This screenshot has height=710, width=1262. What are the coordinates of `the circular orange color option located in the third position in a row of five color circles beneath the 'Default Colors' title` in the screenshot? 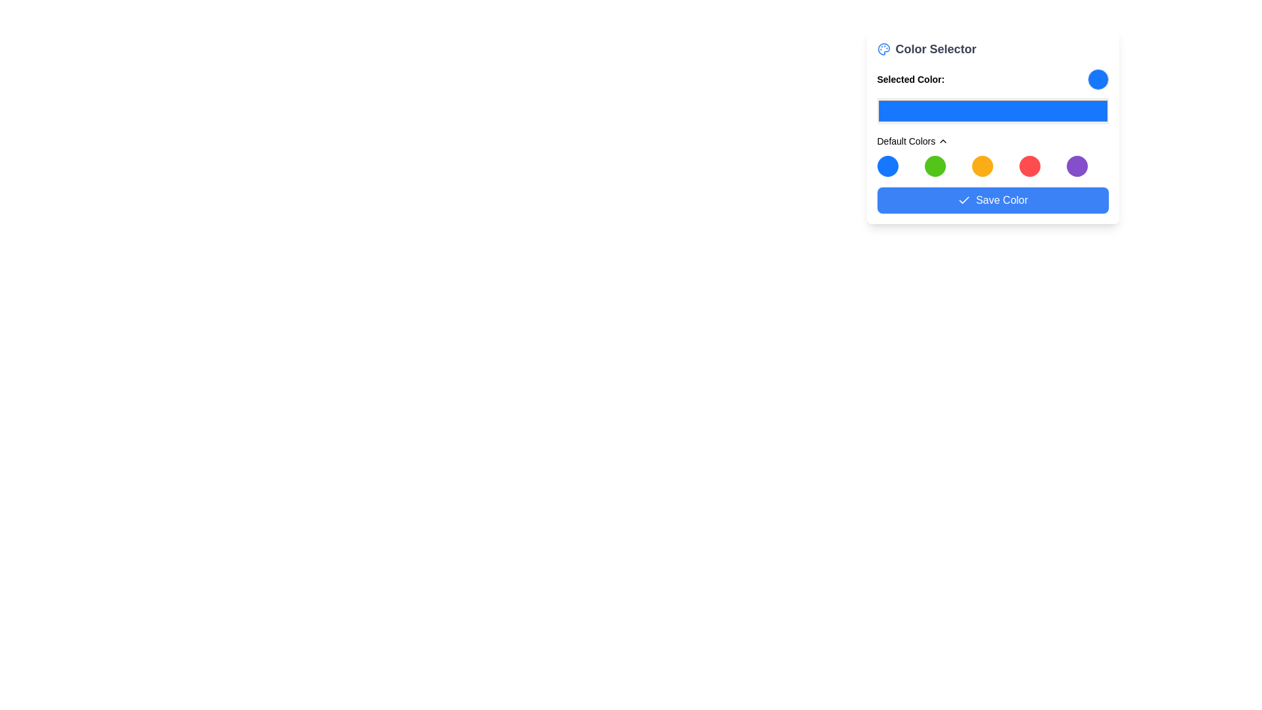 It's located at (982, 166).